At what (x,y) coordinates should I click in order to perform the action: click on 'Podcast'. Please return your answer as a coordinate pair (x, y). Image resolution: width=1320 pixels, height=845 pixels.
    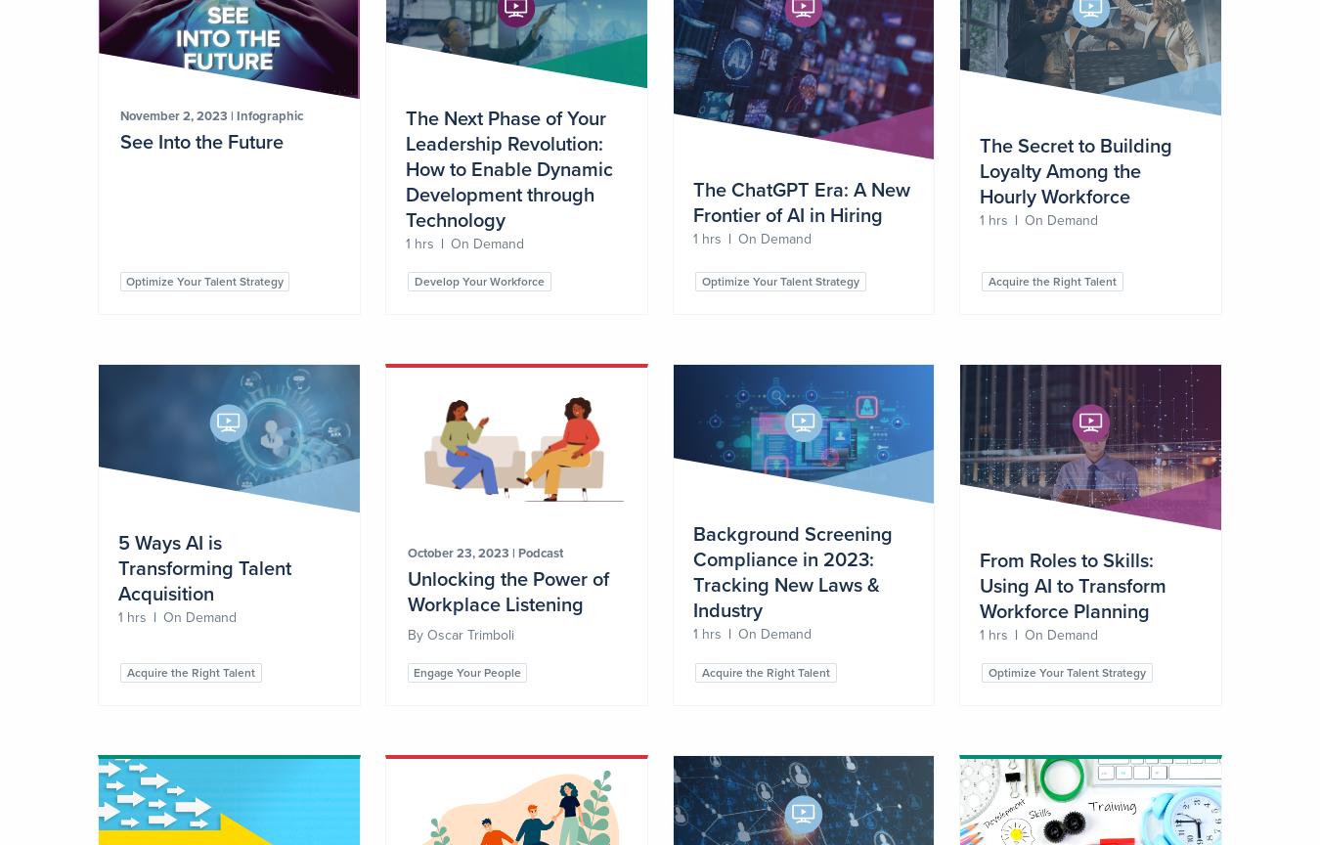
    Looking at the image, I should click on (539, 551).